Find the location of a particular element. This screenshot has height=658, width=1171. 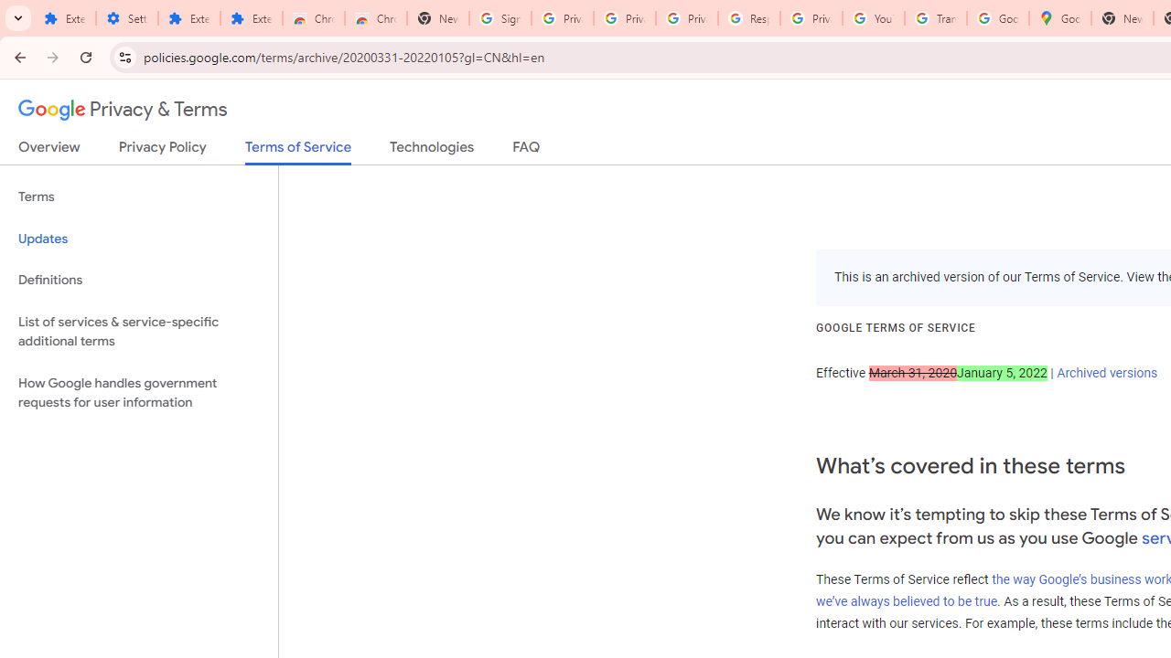

'Archived versions' is located at coordinates (1106, 371).